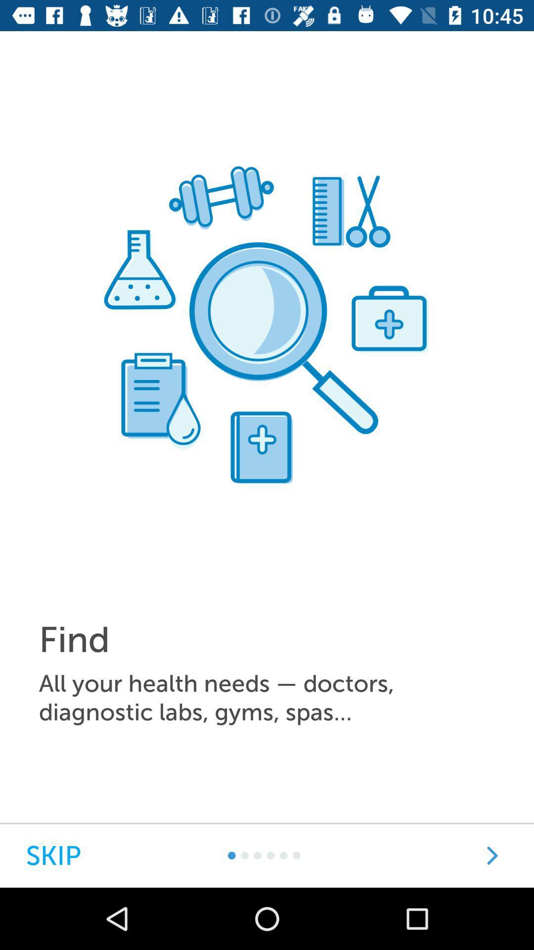 This screenshot has width=534, height=950. Describe the element at coordinates (492, 855) in the screenshot. I see `the arrow_forward icon` at that location.